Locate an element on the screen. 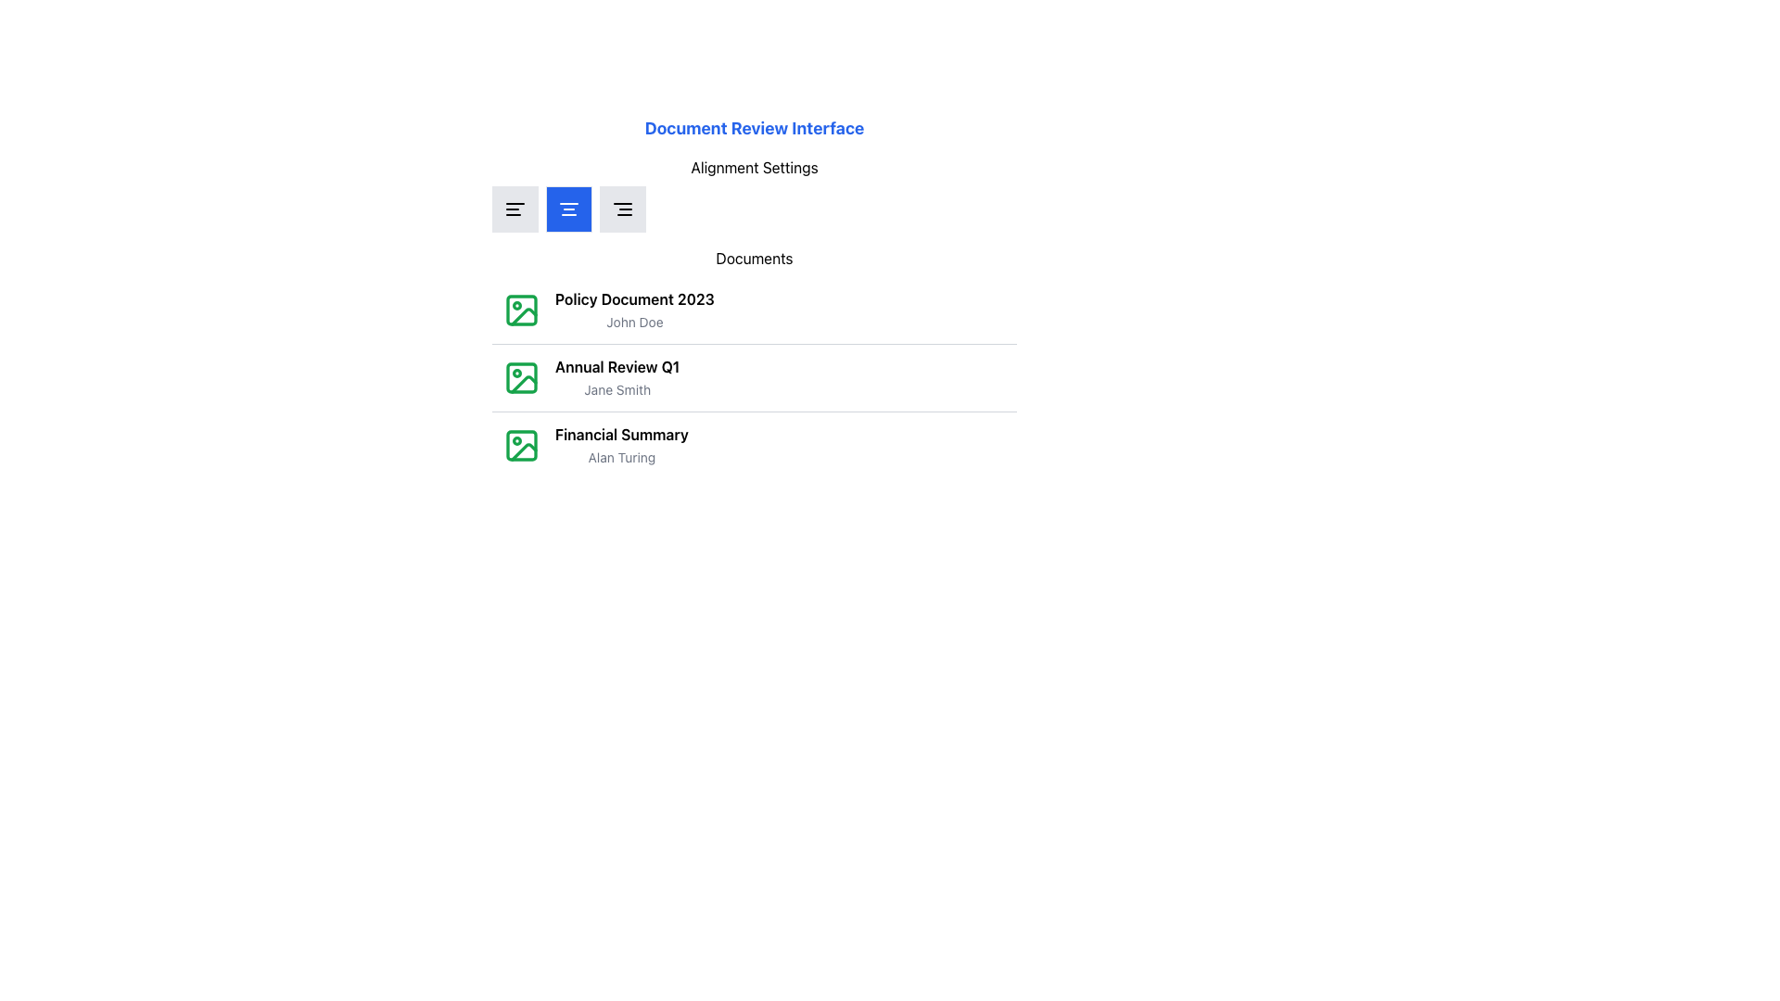  the third list item under the 'Documents' section, which features a green landscape icon and the text 'Financial Summary' by Alan Turing is located at coordinates (595, 446).